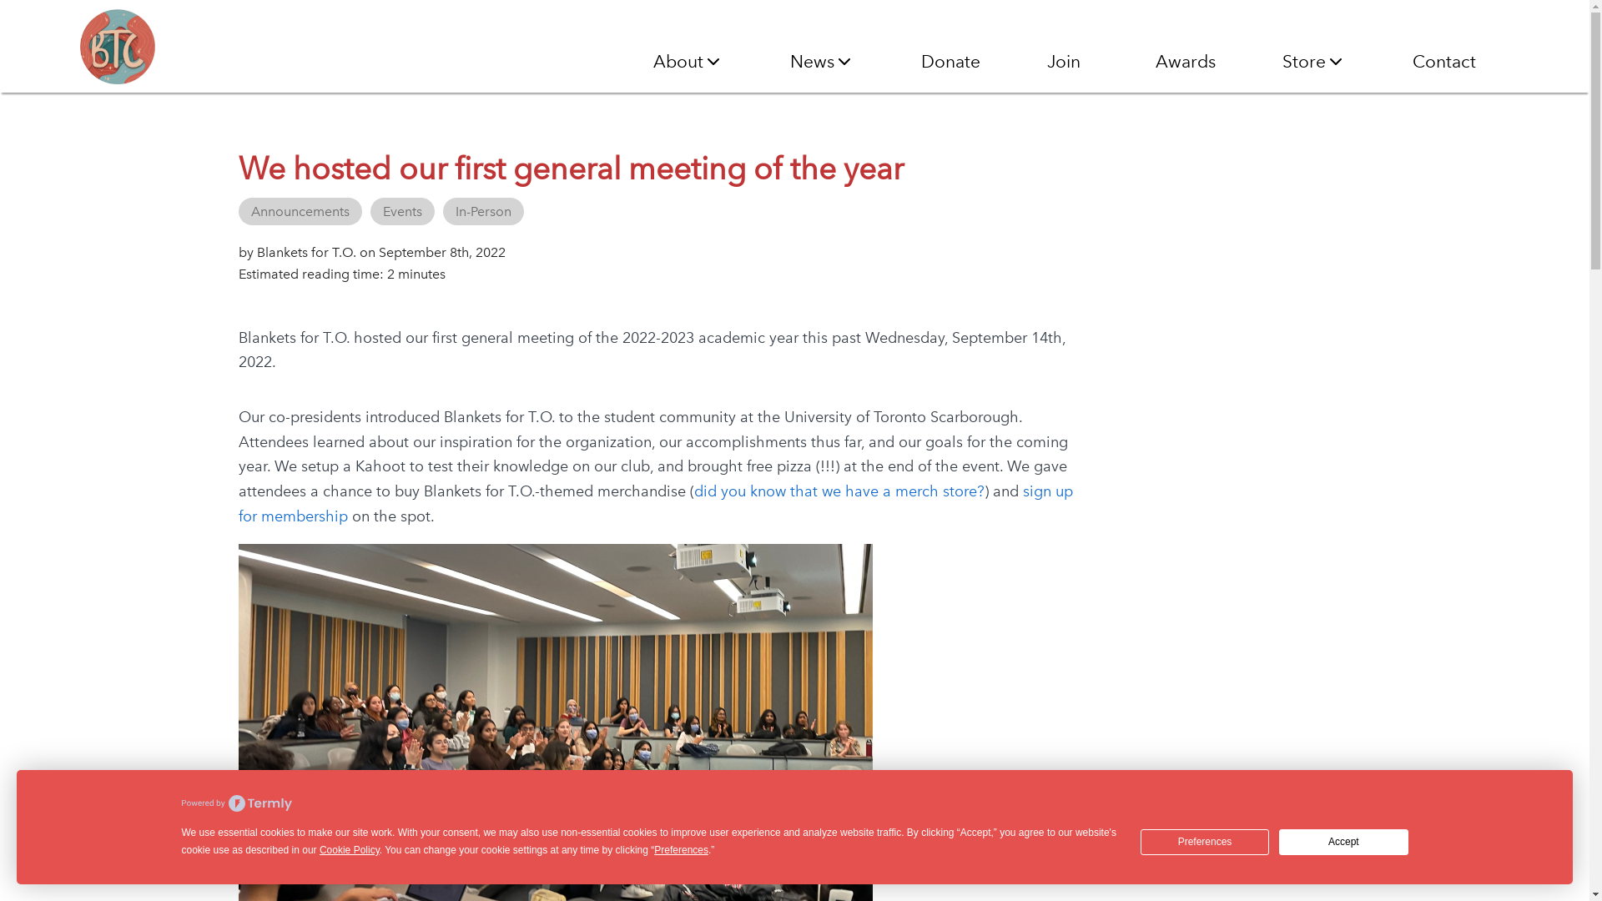  What do you see at coordinates (1343, 842) in the screenshot?
I see `'Accept'` at bounding box center [1343, 842].